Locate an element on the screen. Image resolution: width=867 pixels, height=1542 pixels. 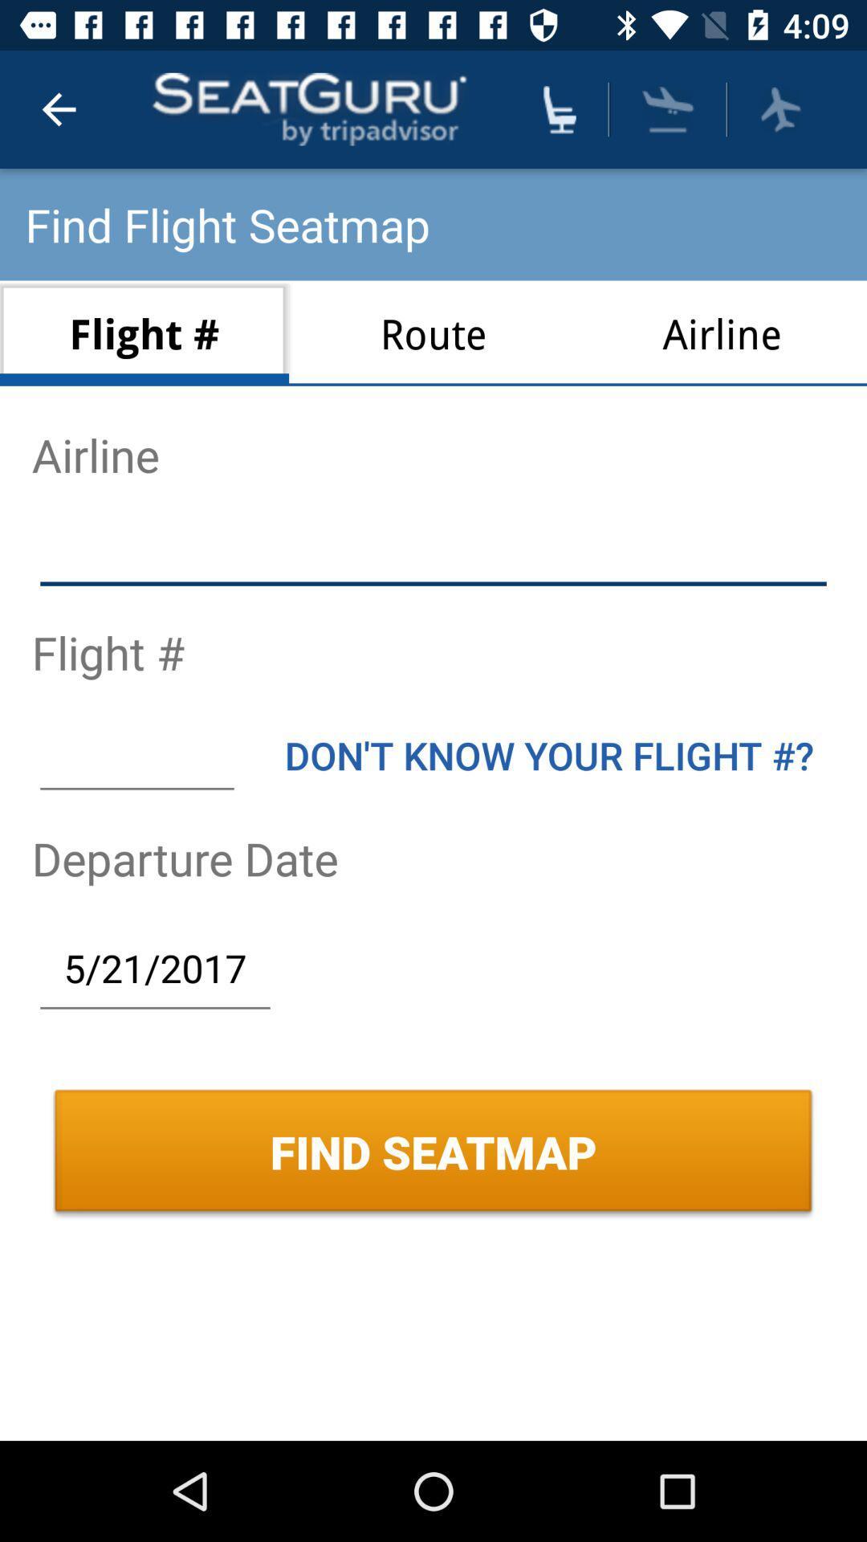
item above the airline is located at coordinates (668, 108).